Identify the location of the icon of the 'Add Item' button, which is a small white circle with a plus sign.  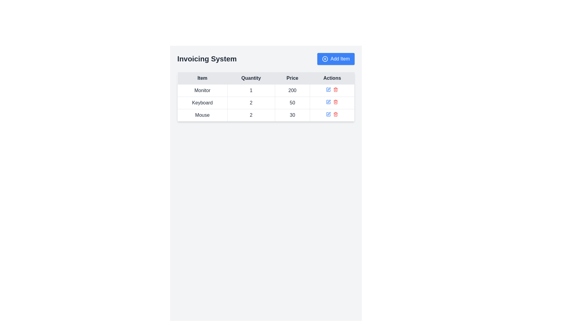
(325, 59).